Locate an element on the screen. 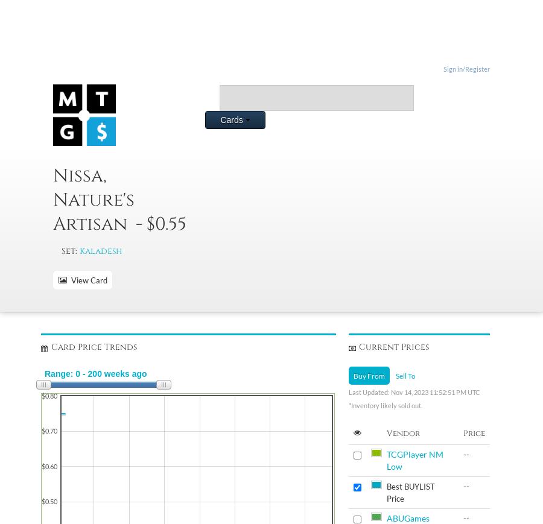 This screenshot has width=543, height=524. 'Card Price
                                Trends' is located at coordinates (50, 347).